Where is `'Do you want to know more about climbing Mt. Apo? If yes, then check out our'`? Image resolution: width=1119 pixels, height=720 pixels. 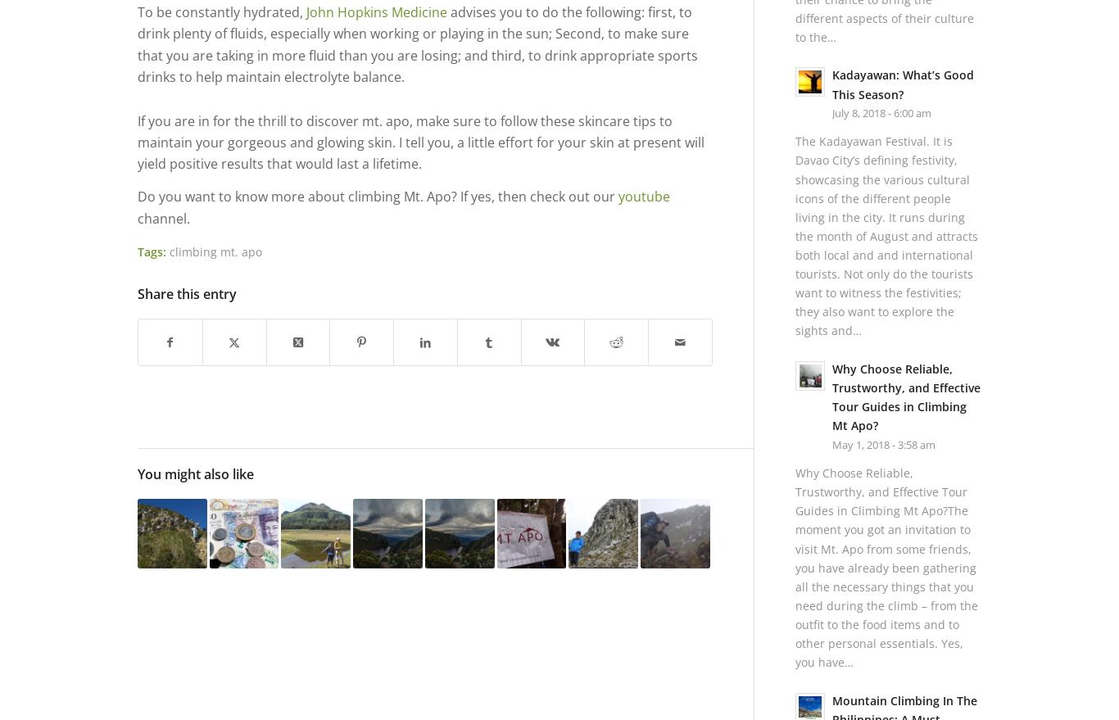 'Do you want to know more about climbing Mt. Apo? If yes, then check out our' is located at coordinates (137, 196).